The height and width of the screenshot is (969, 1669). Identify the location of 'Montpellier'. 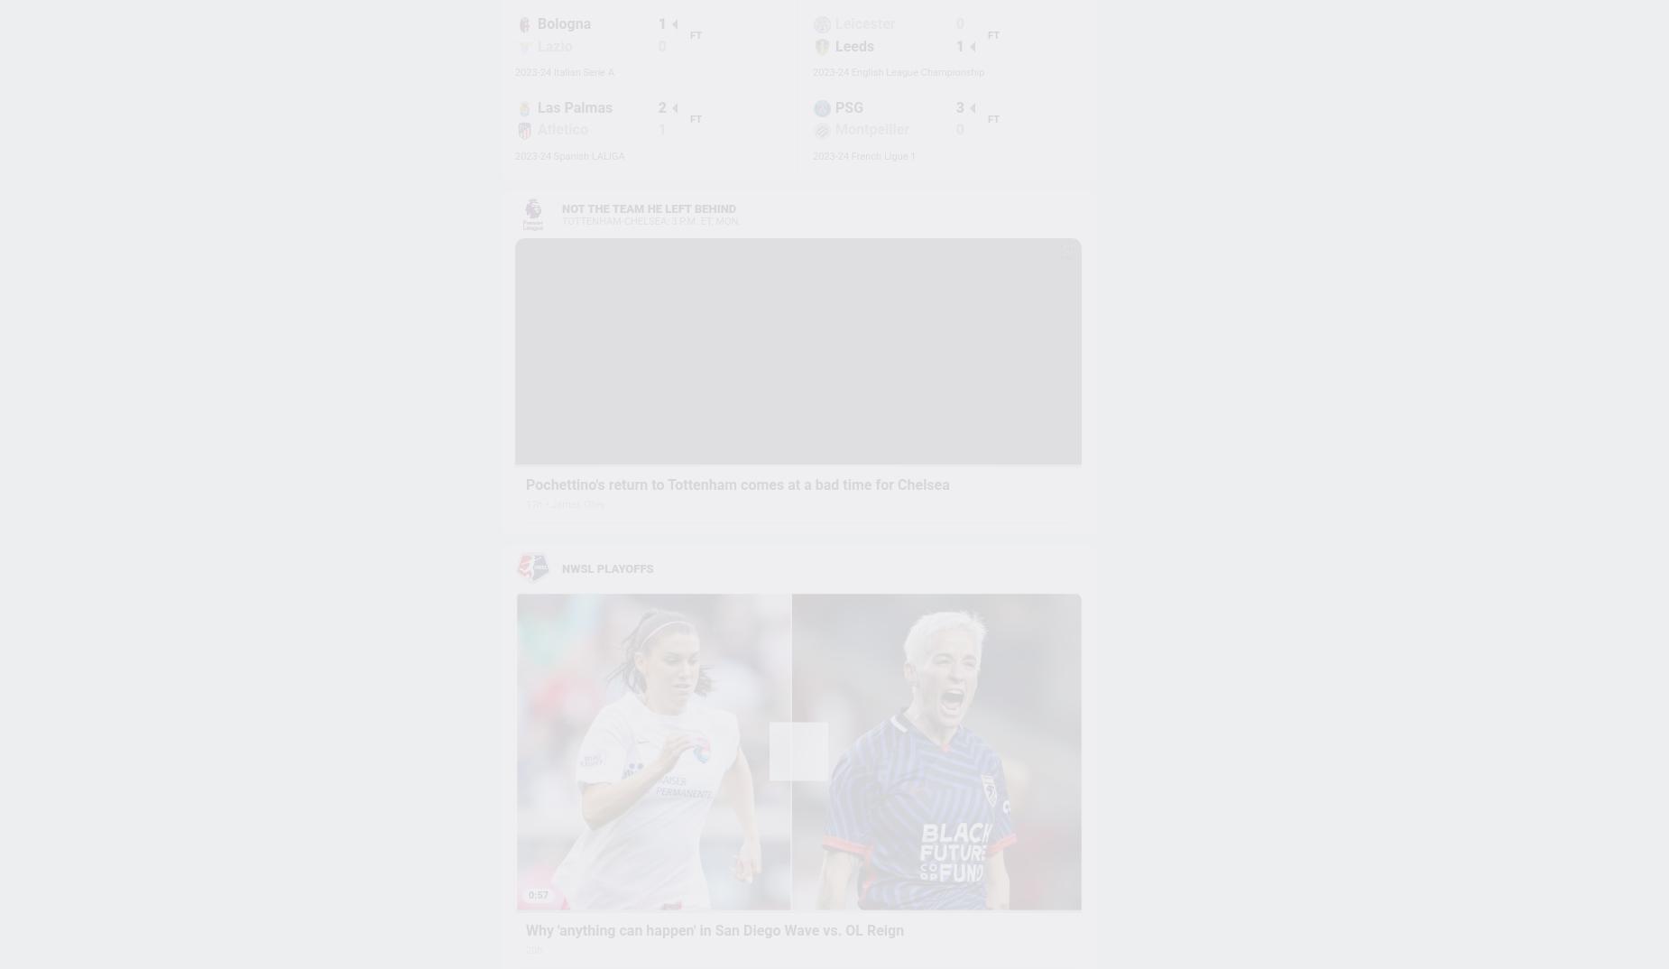
(871, 128).